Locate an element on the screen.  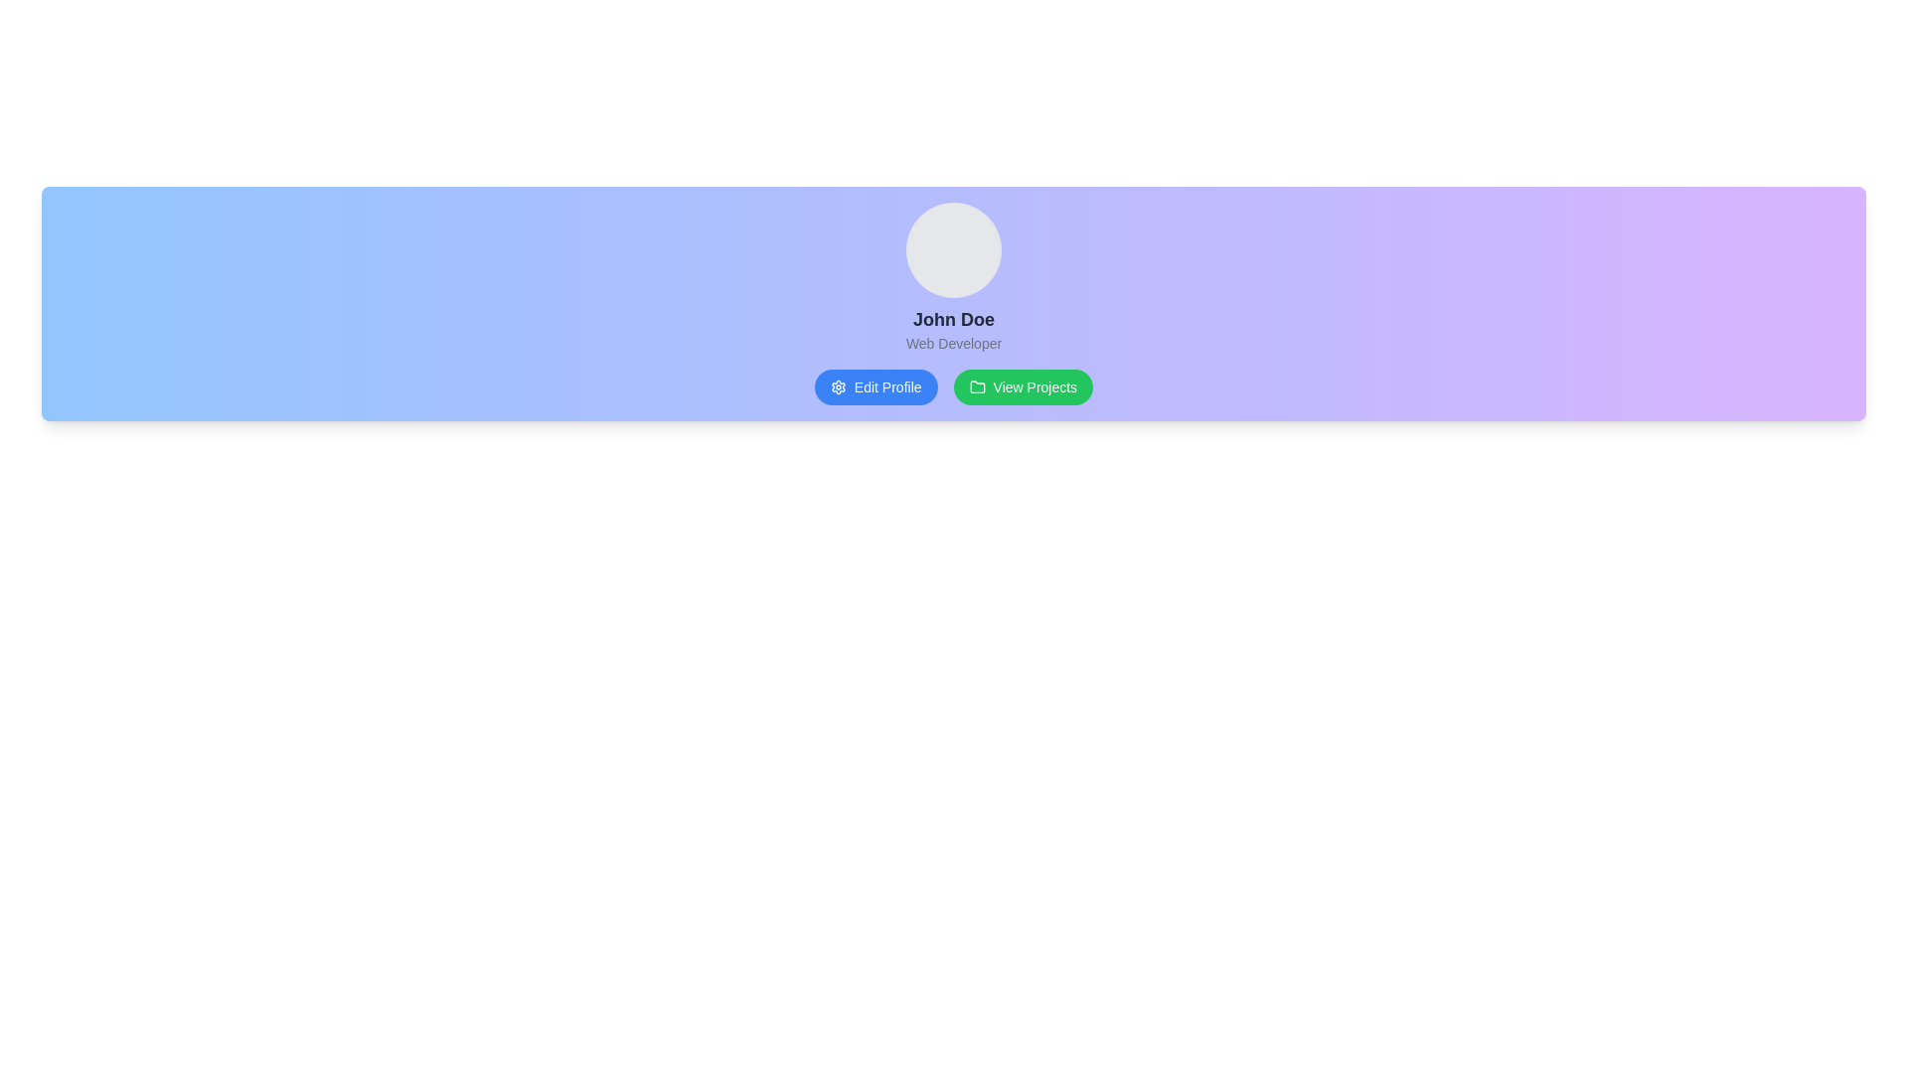
the folder icon within the 'View Projects' button located at the center bottom of the user profile card is located at coordinates (977, 386).